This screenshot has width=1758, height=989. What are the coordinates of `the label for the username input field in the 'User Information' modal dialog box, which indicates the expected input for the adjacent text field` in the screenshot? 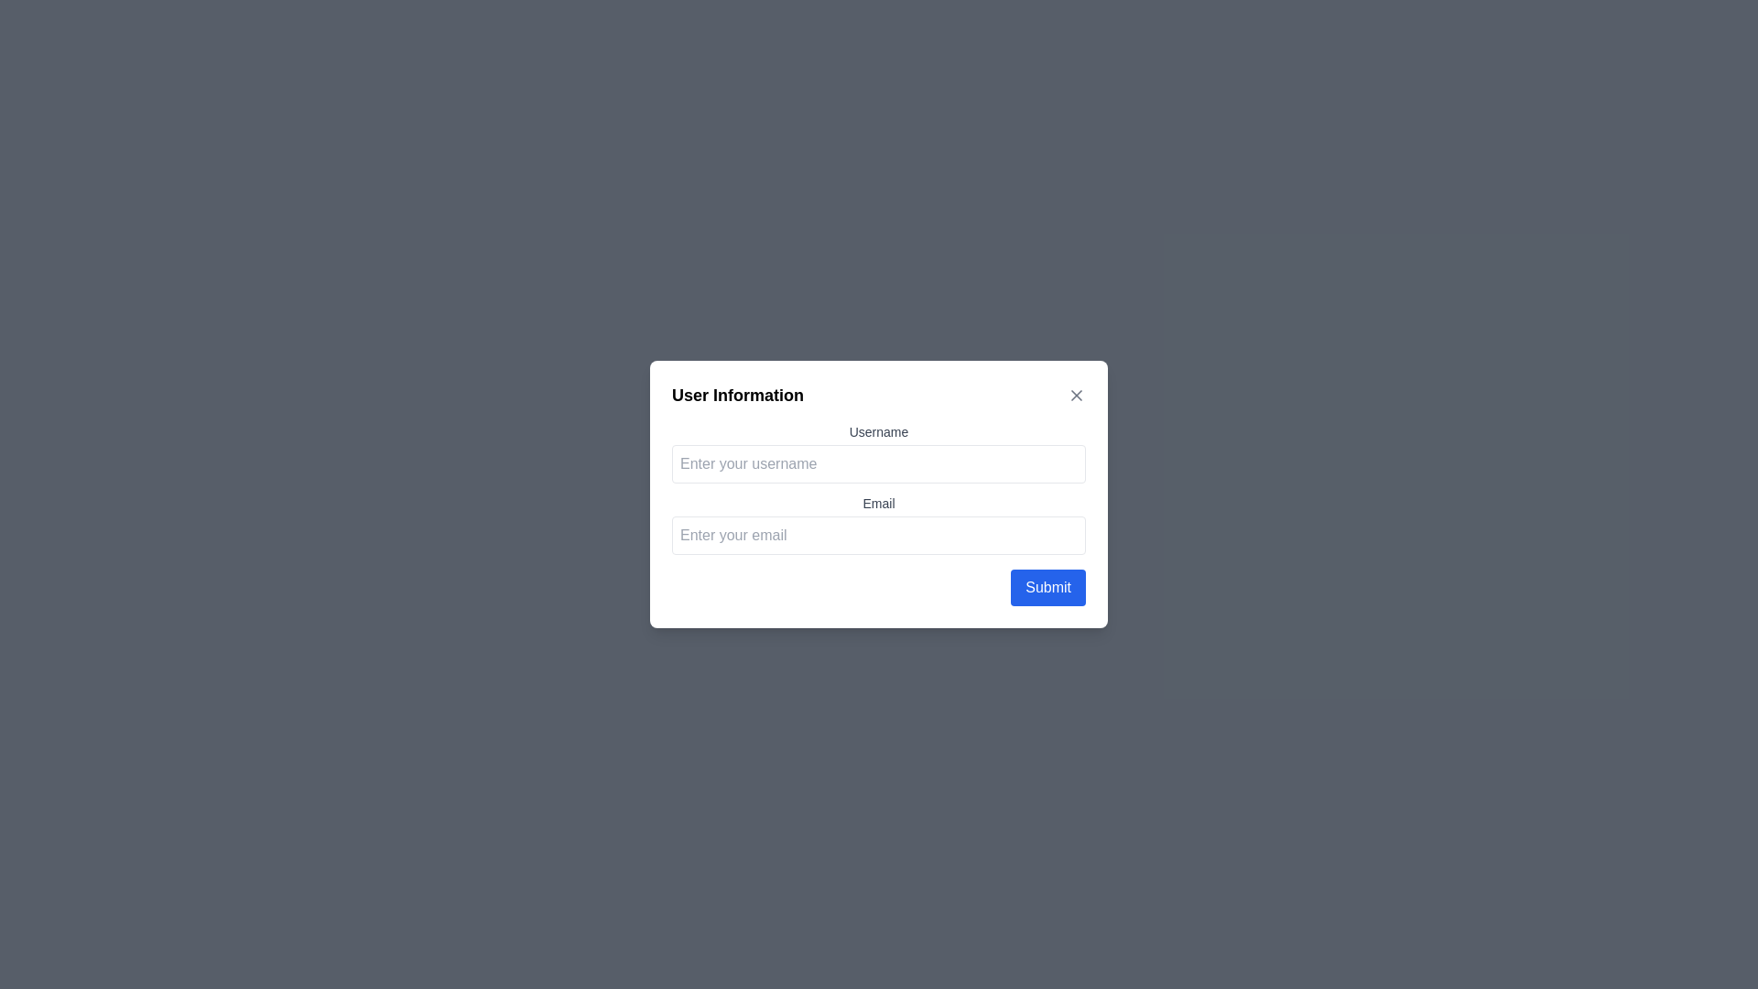 It's located at (879, 431).